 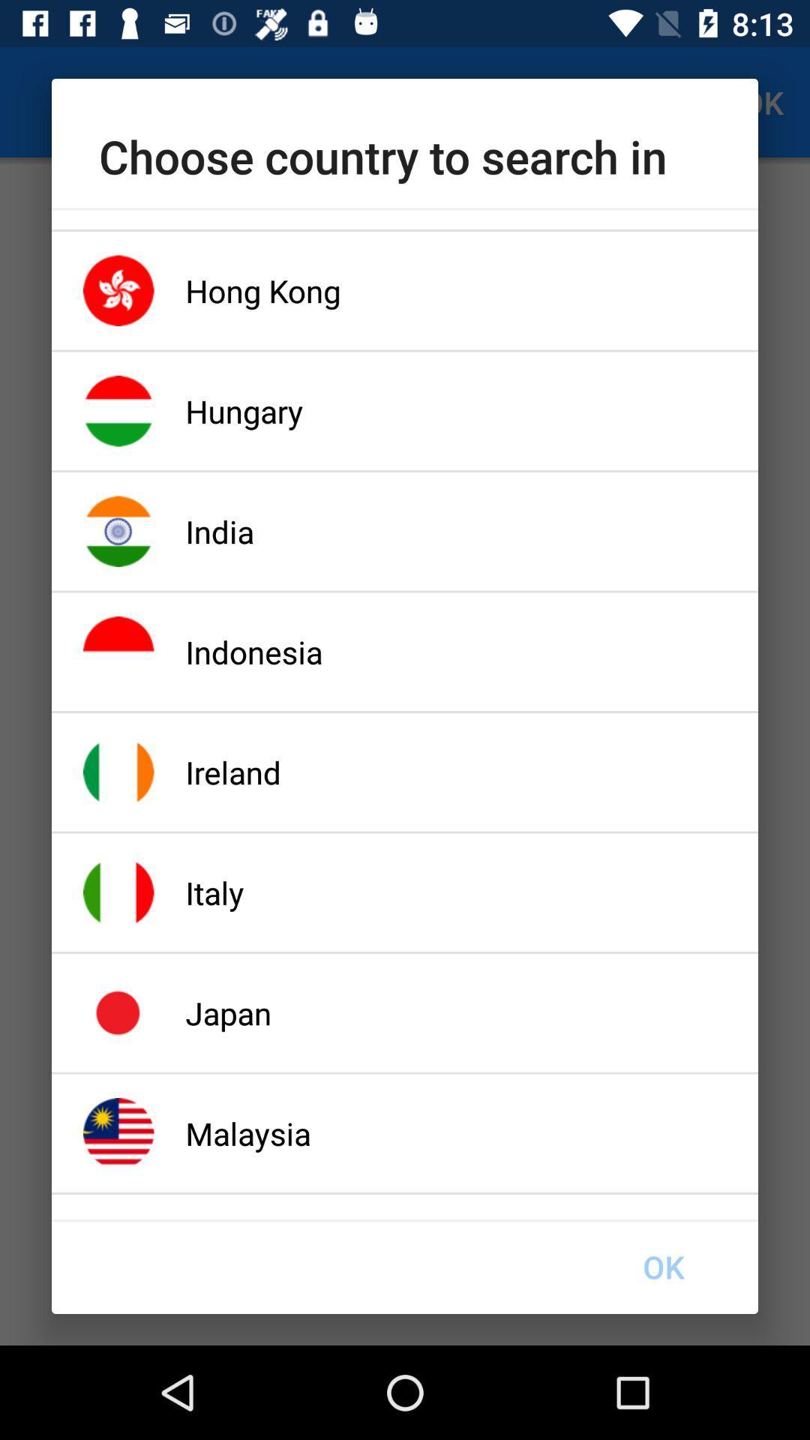 What do you see at coordinates (662, 1266) in the screenshot?
I see `ok` at bounding box center [662, 1266].